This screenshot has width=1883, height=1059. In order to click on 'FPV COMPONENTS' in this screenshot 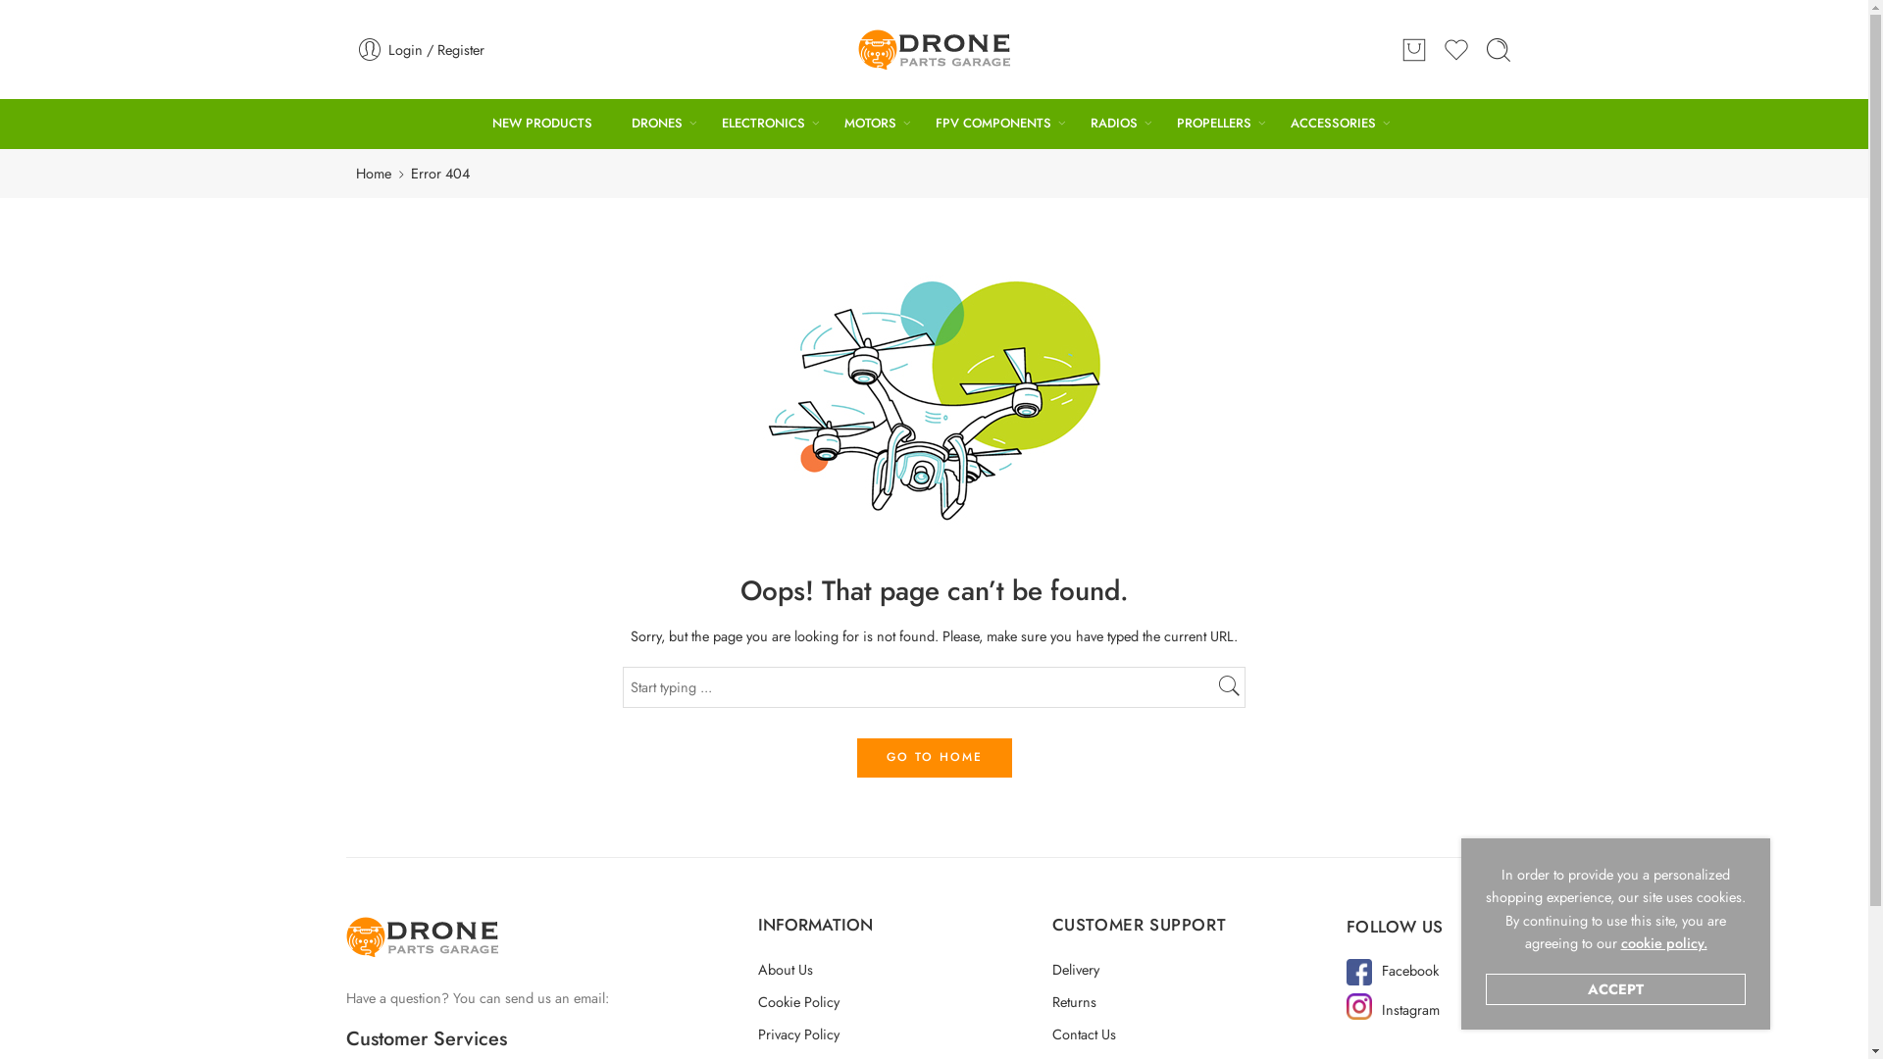, I will do `click(992, 124)`.